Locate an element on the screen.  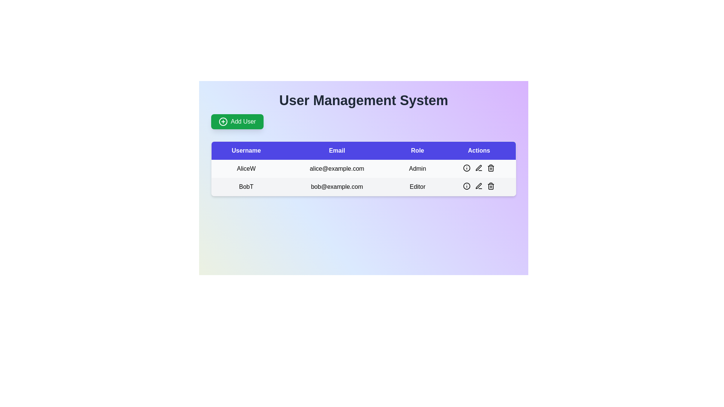
the circular outline inside the 'Add User' button, which has a green background and a white stroke, located to the left of the label is located at coordinates (222, 121).